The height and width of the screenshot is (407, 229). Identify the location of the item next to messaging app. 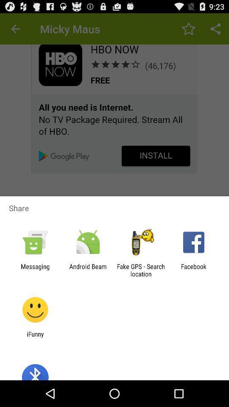
(87, 270).